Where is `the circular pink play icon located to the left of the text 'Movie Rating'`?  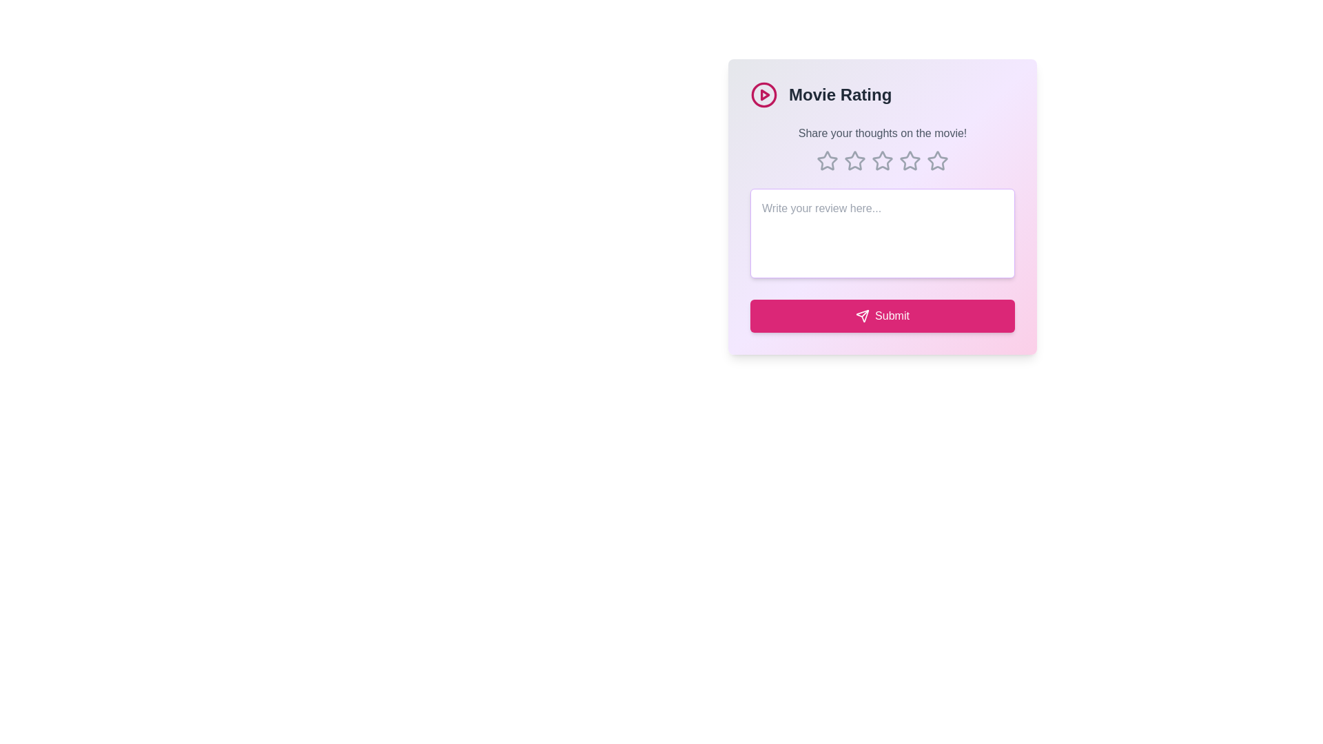 the circular pink play icon located to the left of the text 'Movie Rating' is located at coordinates (763, 94).